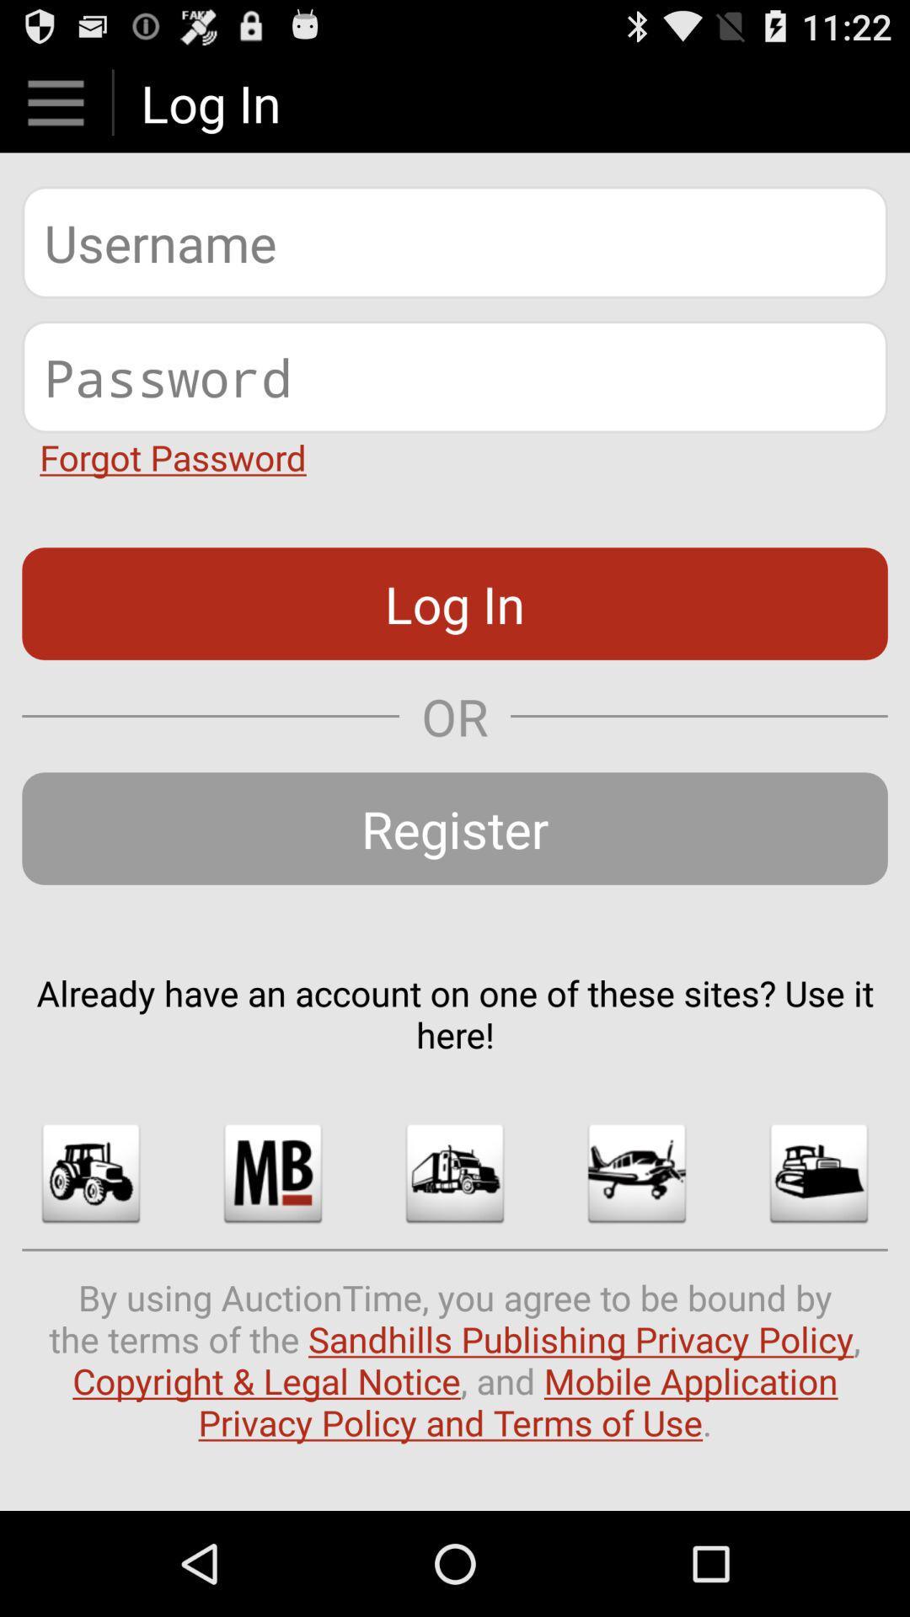  I want to click on username, so click(455, 242).